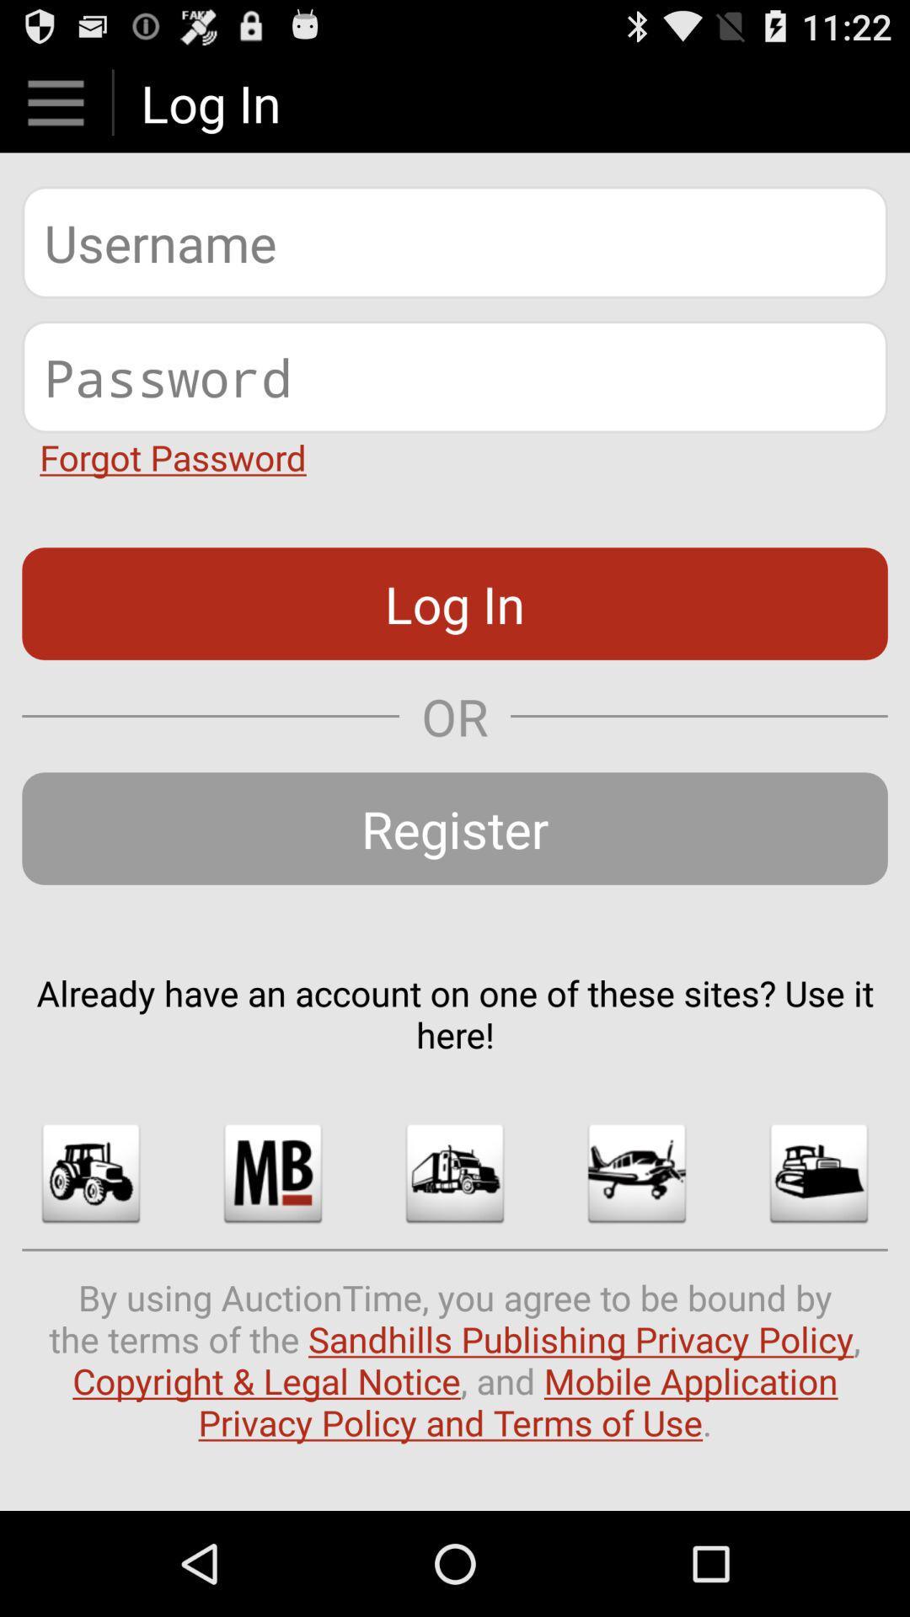  I want to click on username, so click(455, 242).